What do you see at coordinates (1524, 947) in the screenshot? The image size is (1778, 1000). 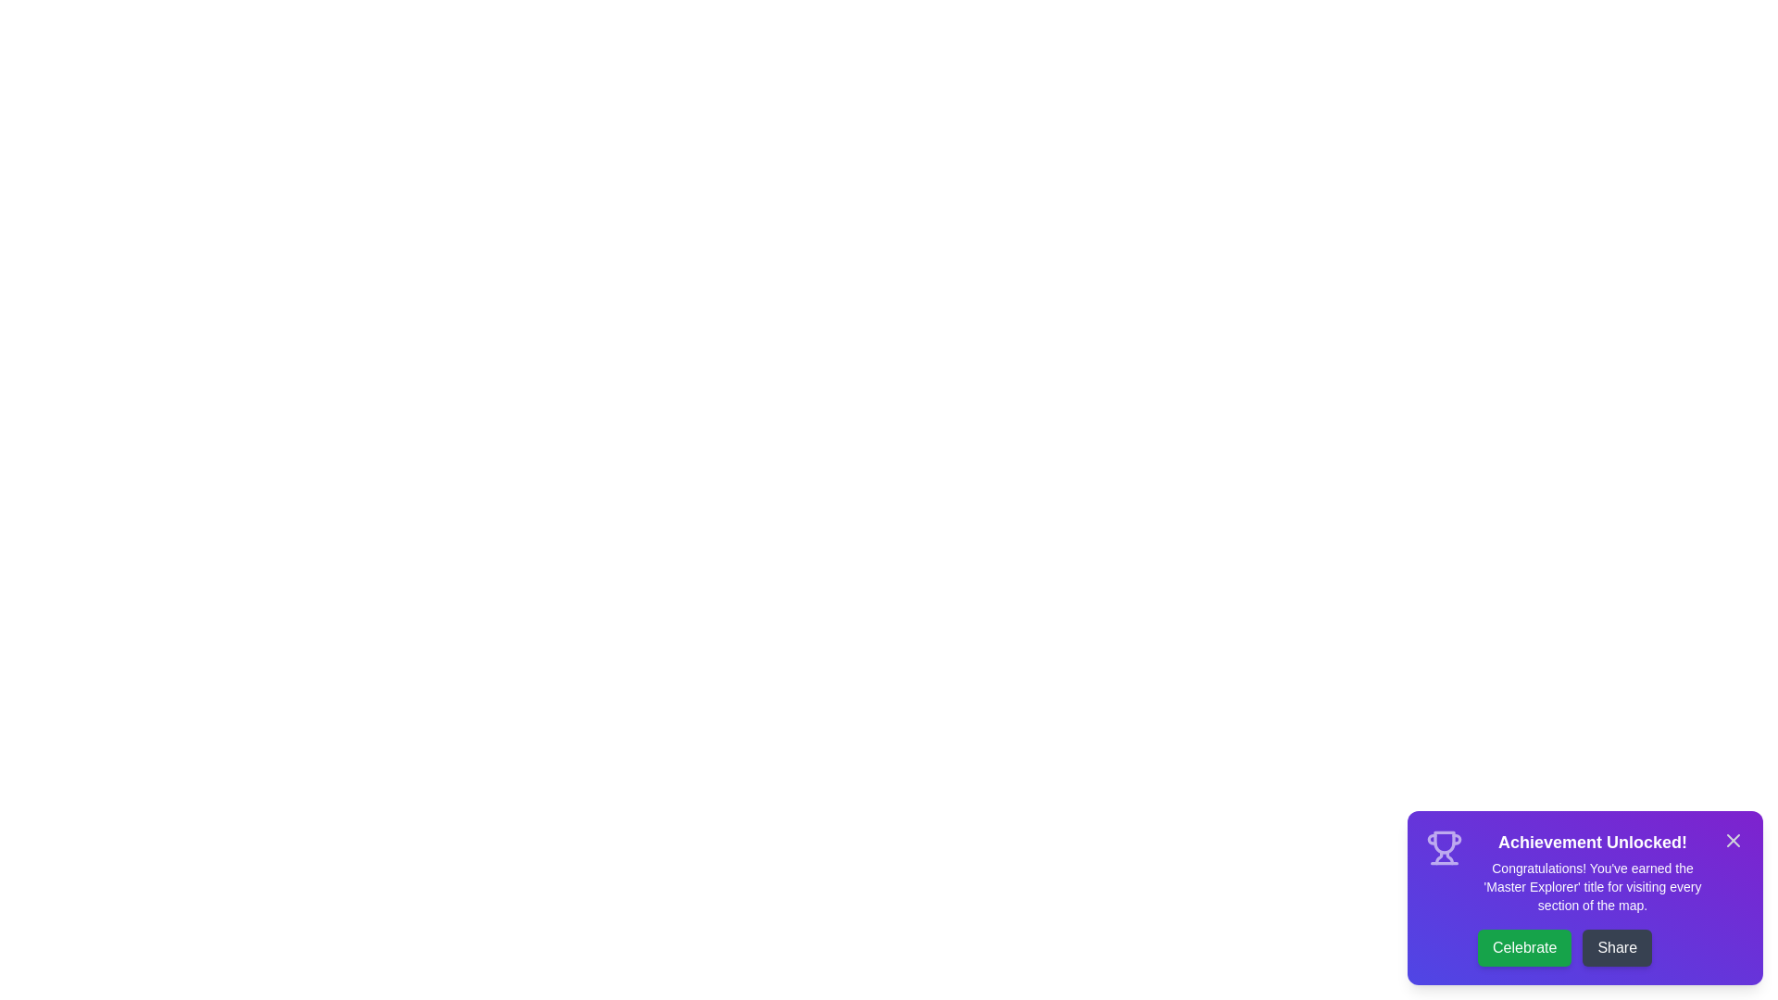 I see `the 'Celebrate' button to acknowledge the achievement` at bounding box center [1524, 947].